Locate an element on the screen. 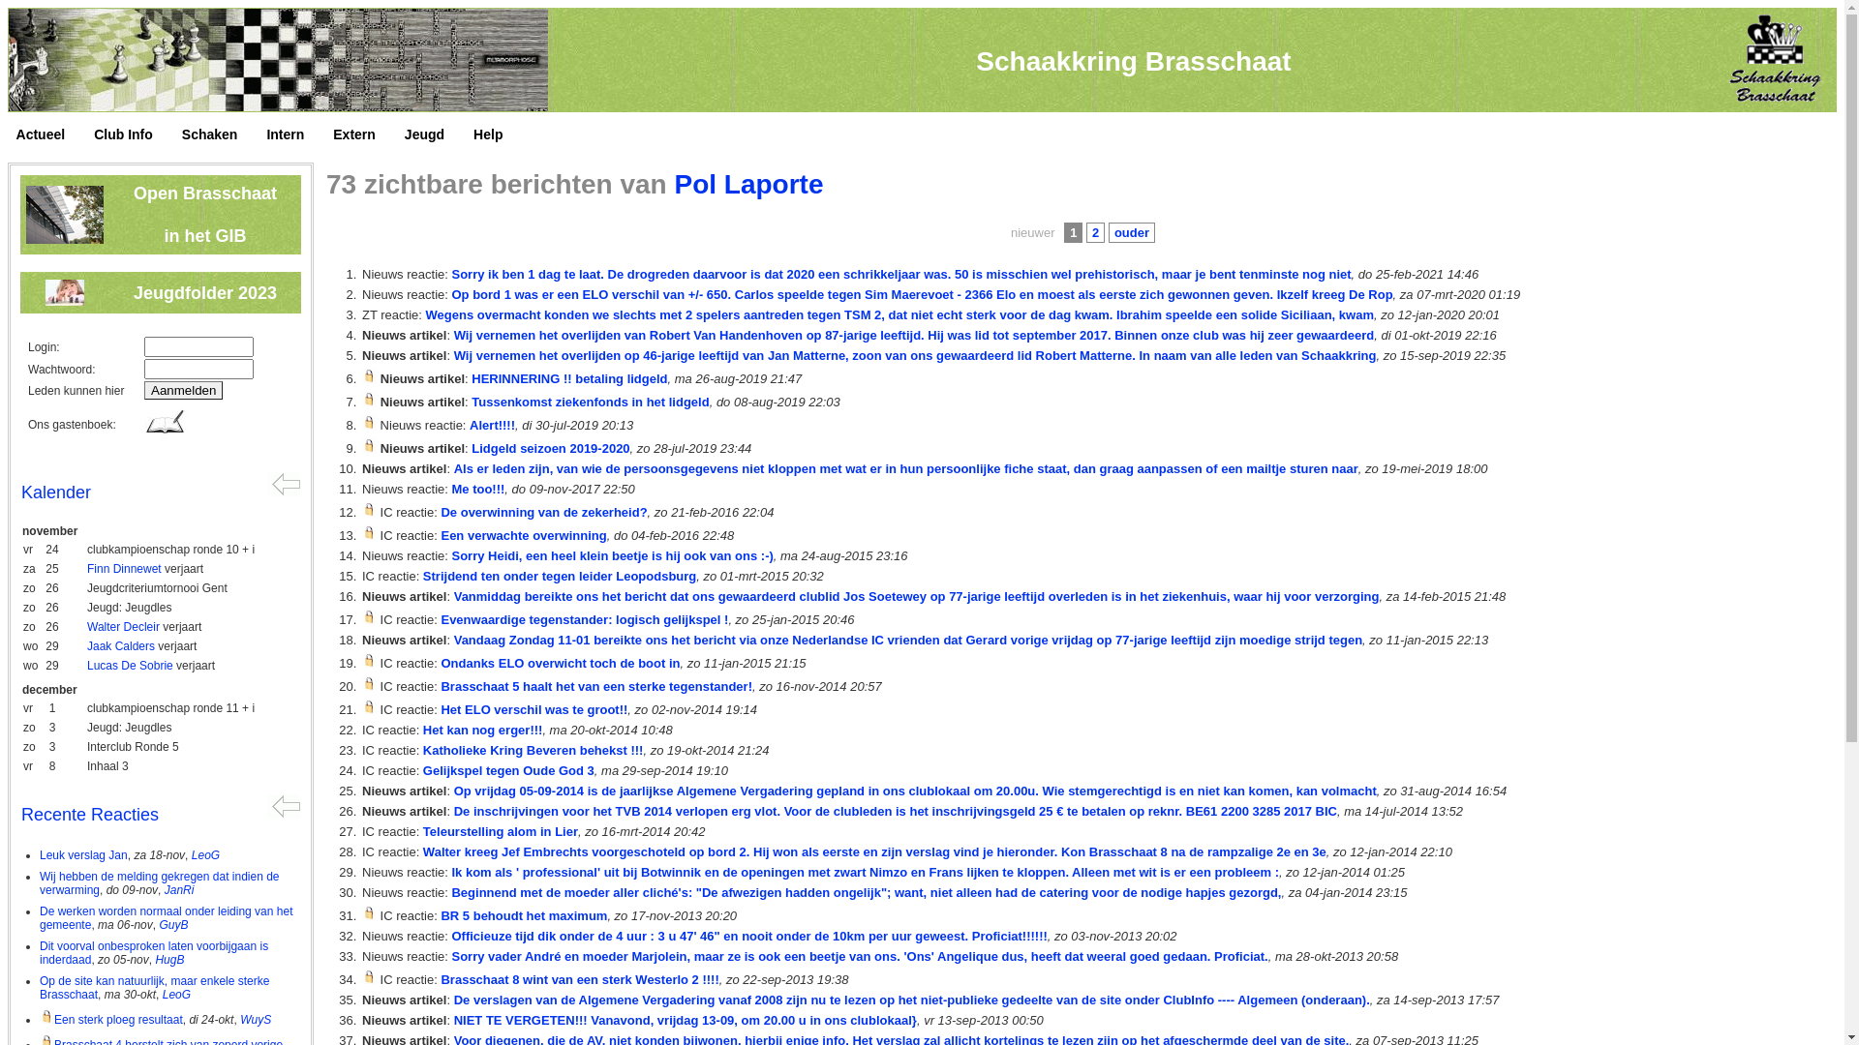 Image resolution: width=1859 pixels, height=1045 pixels. ' ' is located at coordinates (10, 138).